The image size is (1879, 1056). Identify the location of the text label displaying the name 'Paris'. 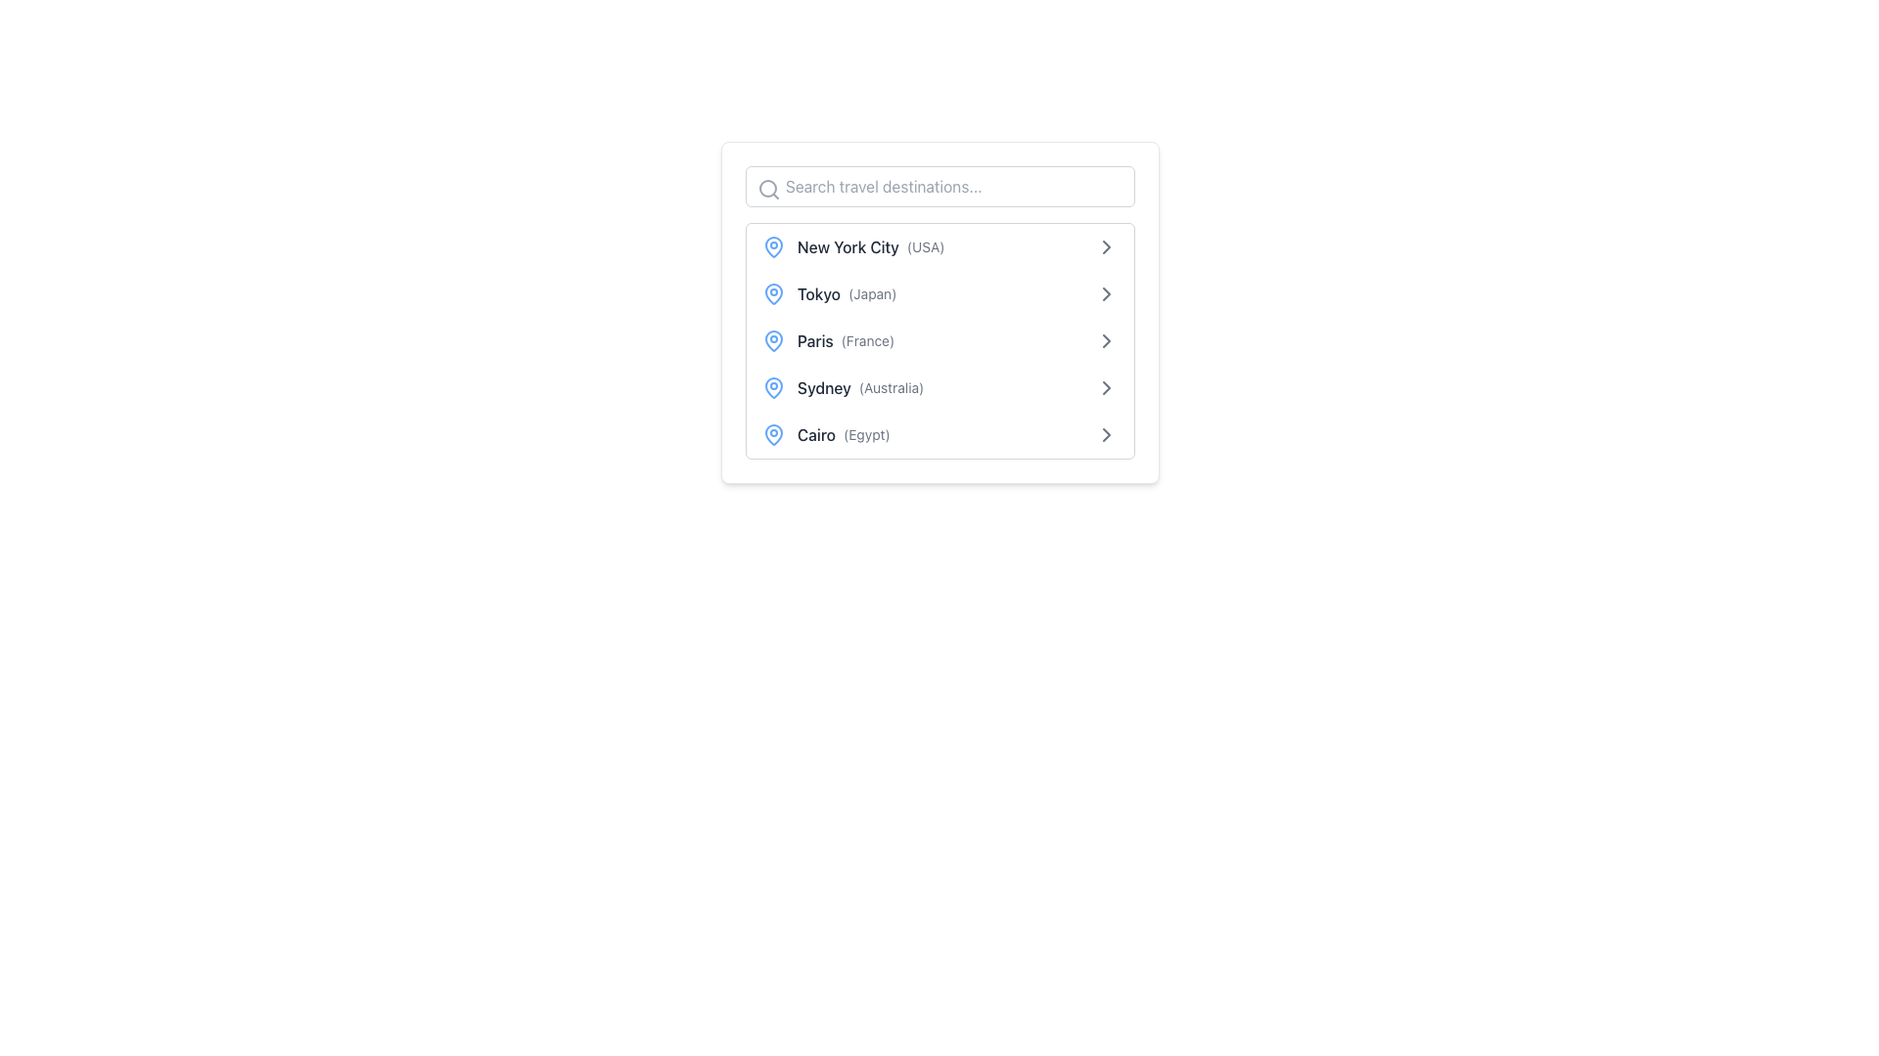
(815, 339).